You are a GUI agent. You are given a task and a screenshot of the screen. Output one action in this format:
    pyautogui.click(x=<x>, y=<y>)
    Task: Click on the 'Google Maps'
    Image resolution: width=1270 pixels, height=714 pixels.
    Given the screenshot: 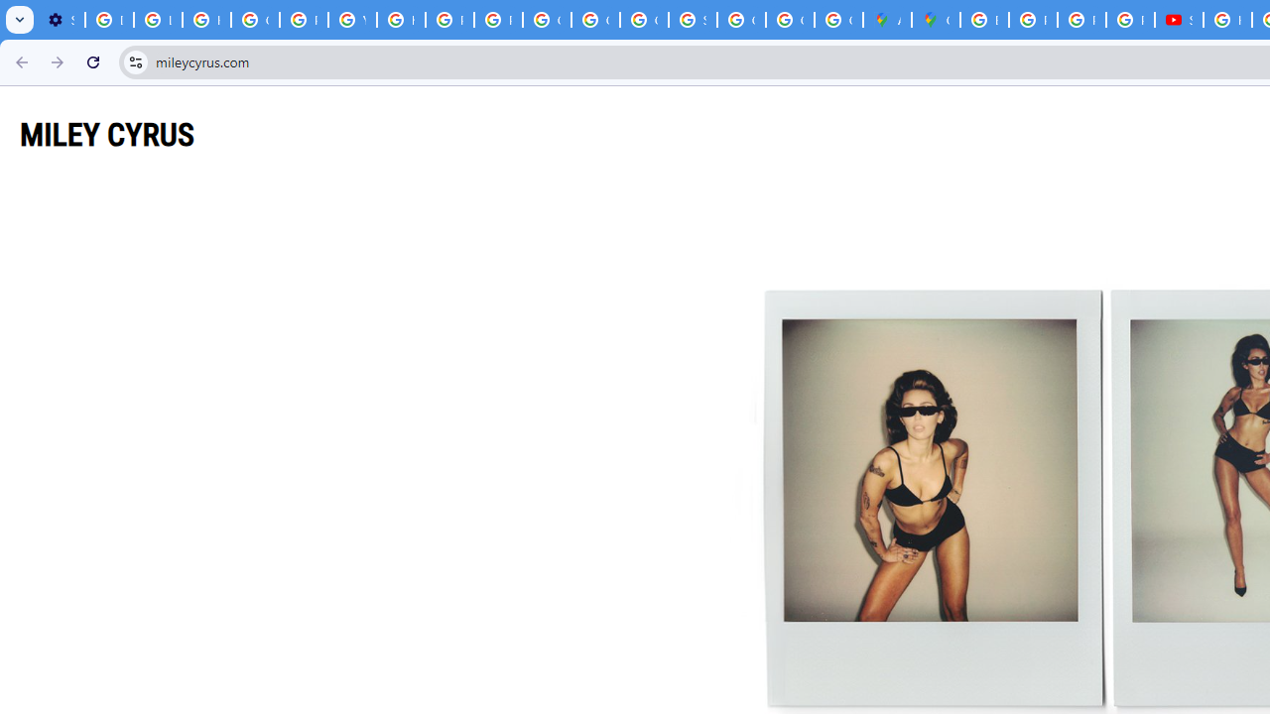 What is the action you would take?
    pyautogui.click(x=935, y=20)
    